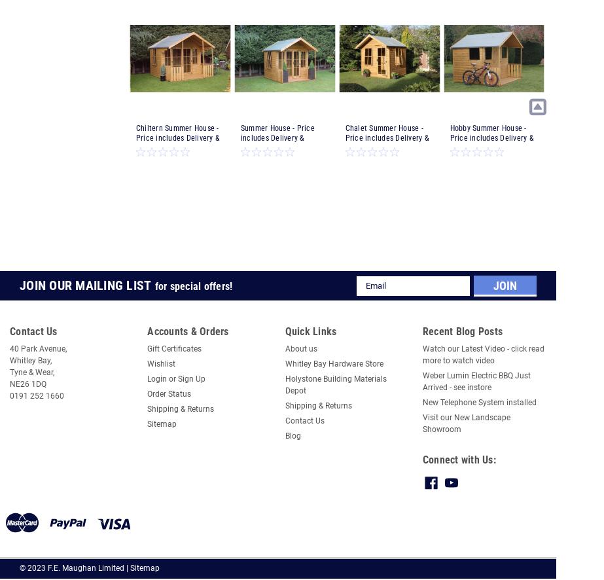 The height and width of the screenshot is (580, 604). What do you see at coordinates (10, 348) in the screenshot?
I see `'40 Park Avenue,'` at bounding box center [10, 348].